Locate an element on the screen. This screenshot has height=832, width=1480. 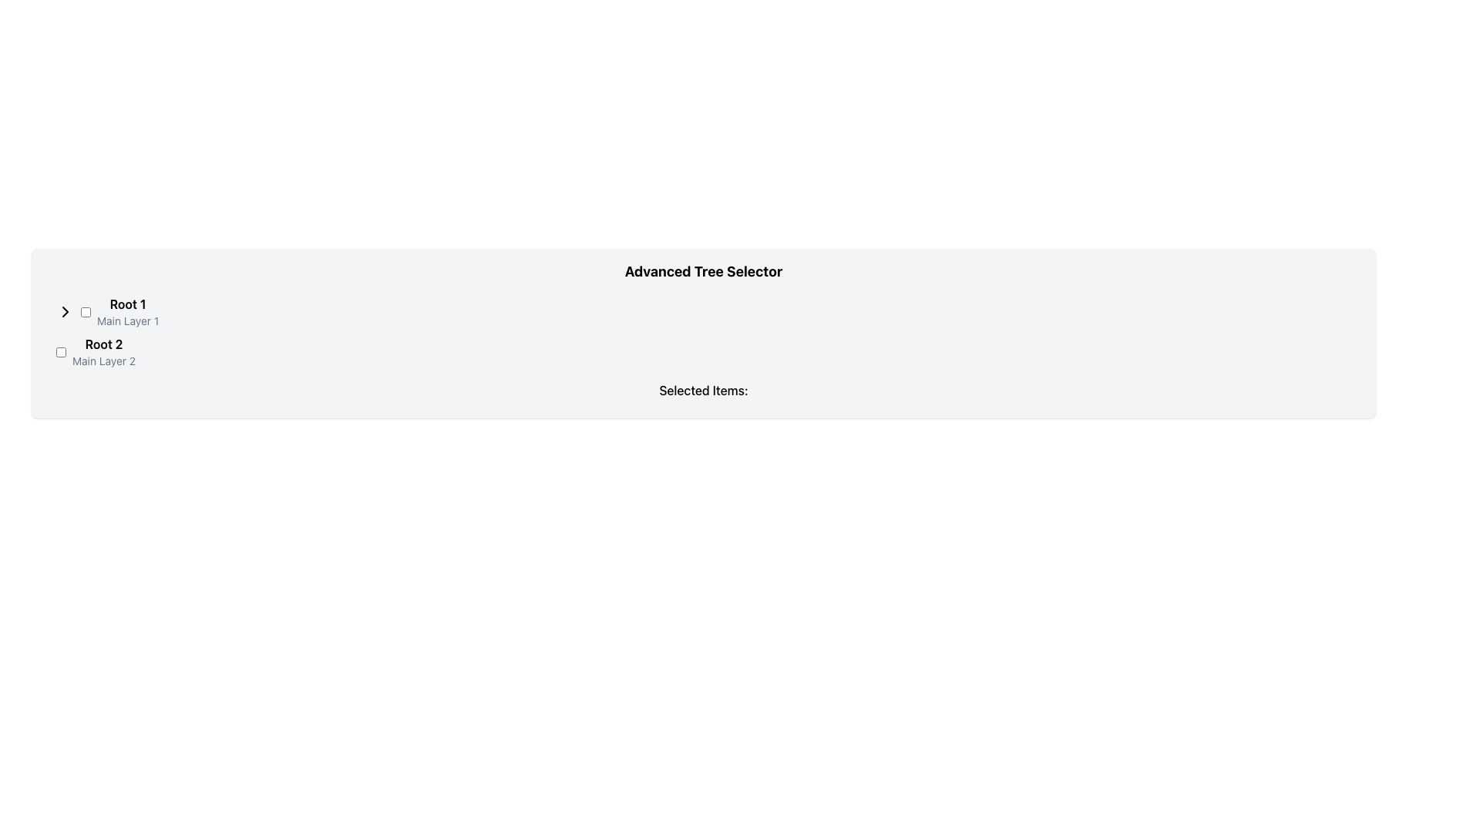
the label text element displaying 'Main Layer 1', which is styled in gray and located directly under 'Root 1' is located at coordinates (128, 320).